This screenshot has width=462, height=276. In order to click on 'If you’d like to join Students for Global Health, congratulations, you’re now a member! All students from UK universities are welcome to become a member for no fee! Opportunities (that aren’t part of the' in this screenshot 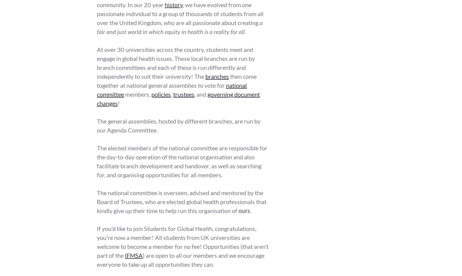, I will do `click(183, 242)`.